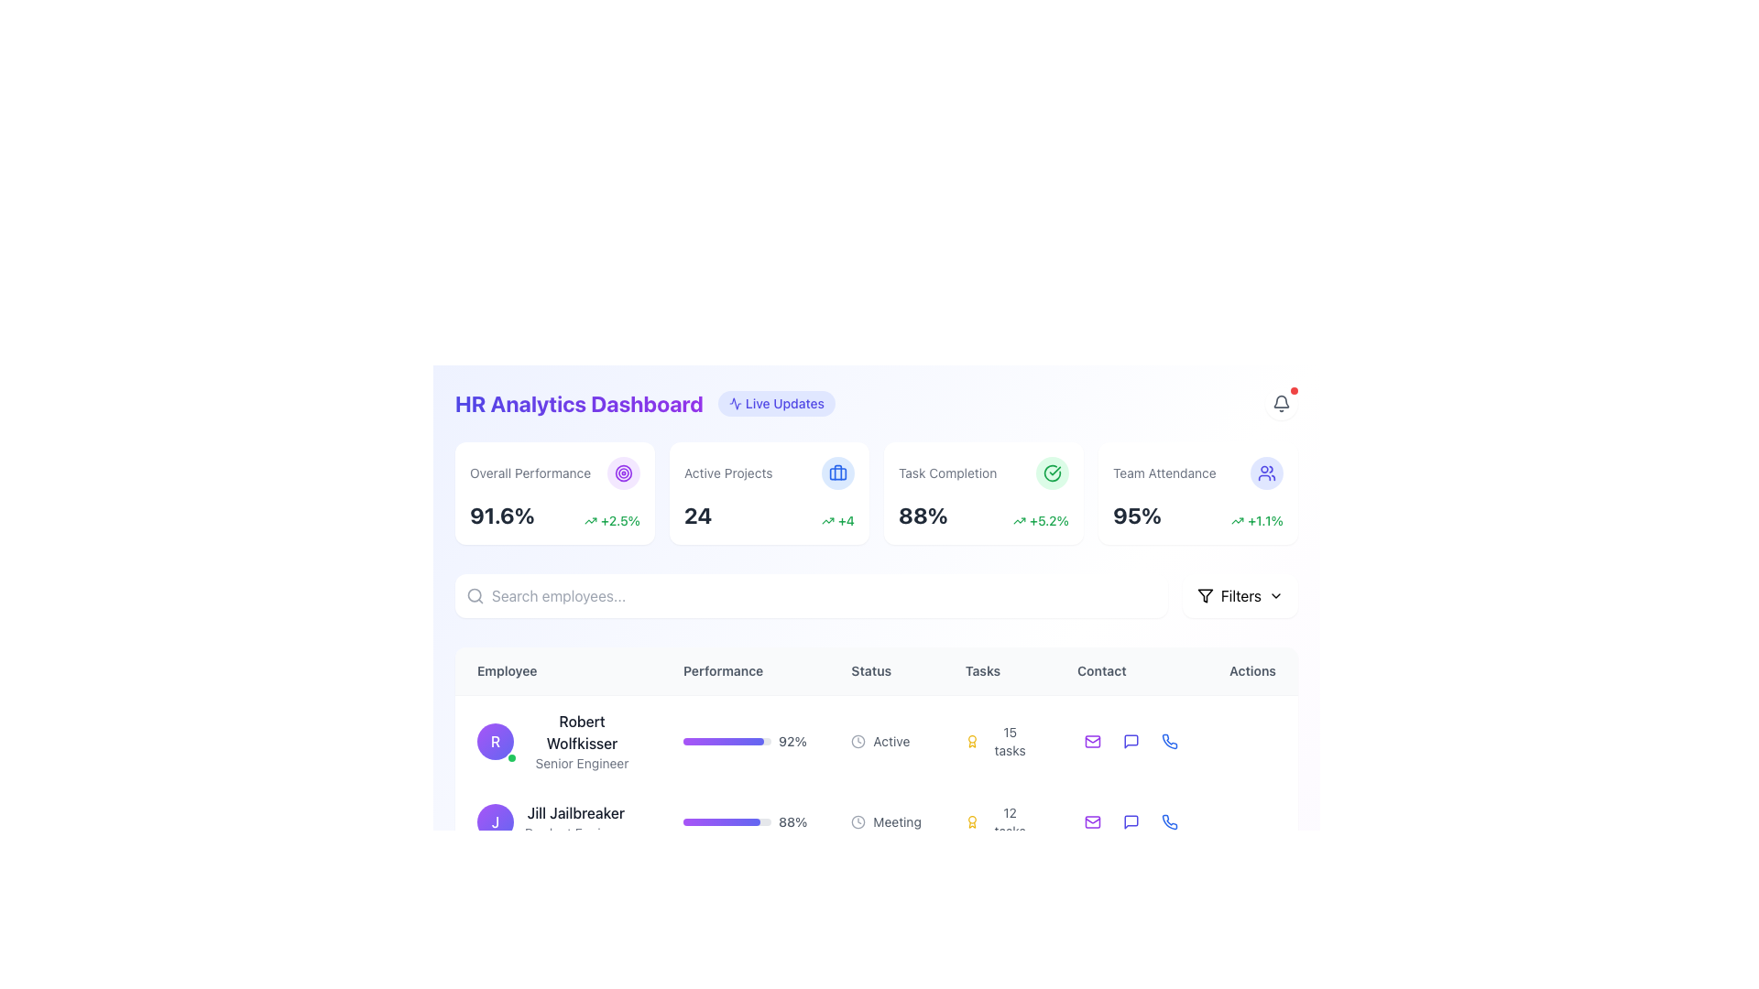  I want to click on the interactive speech bubble icon for 'Jill Jailbreaker' located in the 'Contact' column to trigger a tooltip or highlight effect, so click(1131, 821).